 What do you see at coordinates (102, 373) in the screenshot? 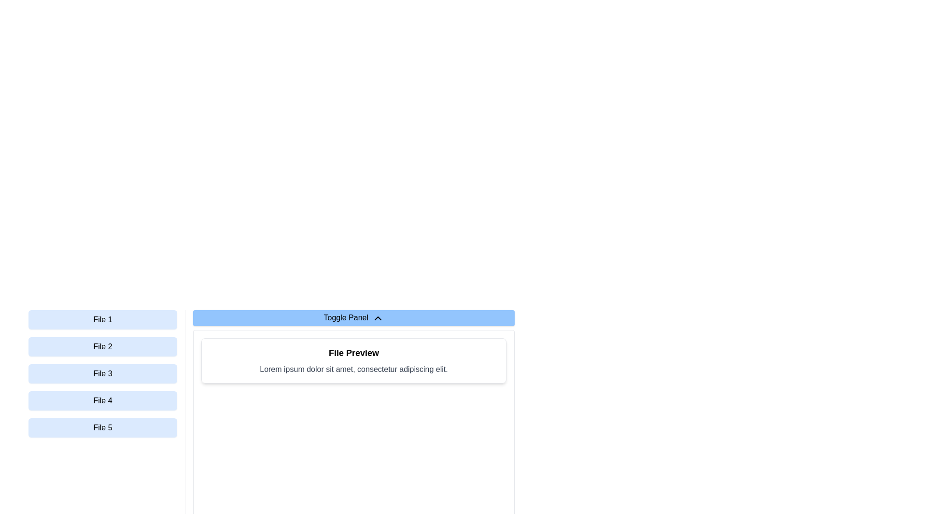
I see `the button labeled 'File 3'` at bounding box center [102, 373].